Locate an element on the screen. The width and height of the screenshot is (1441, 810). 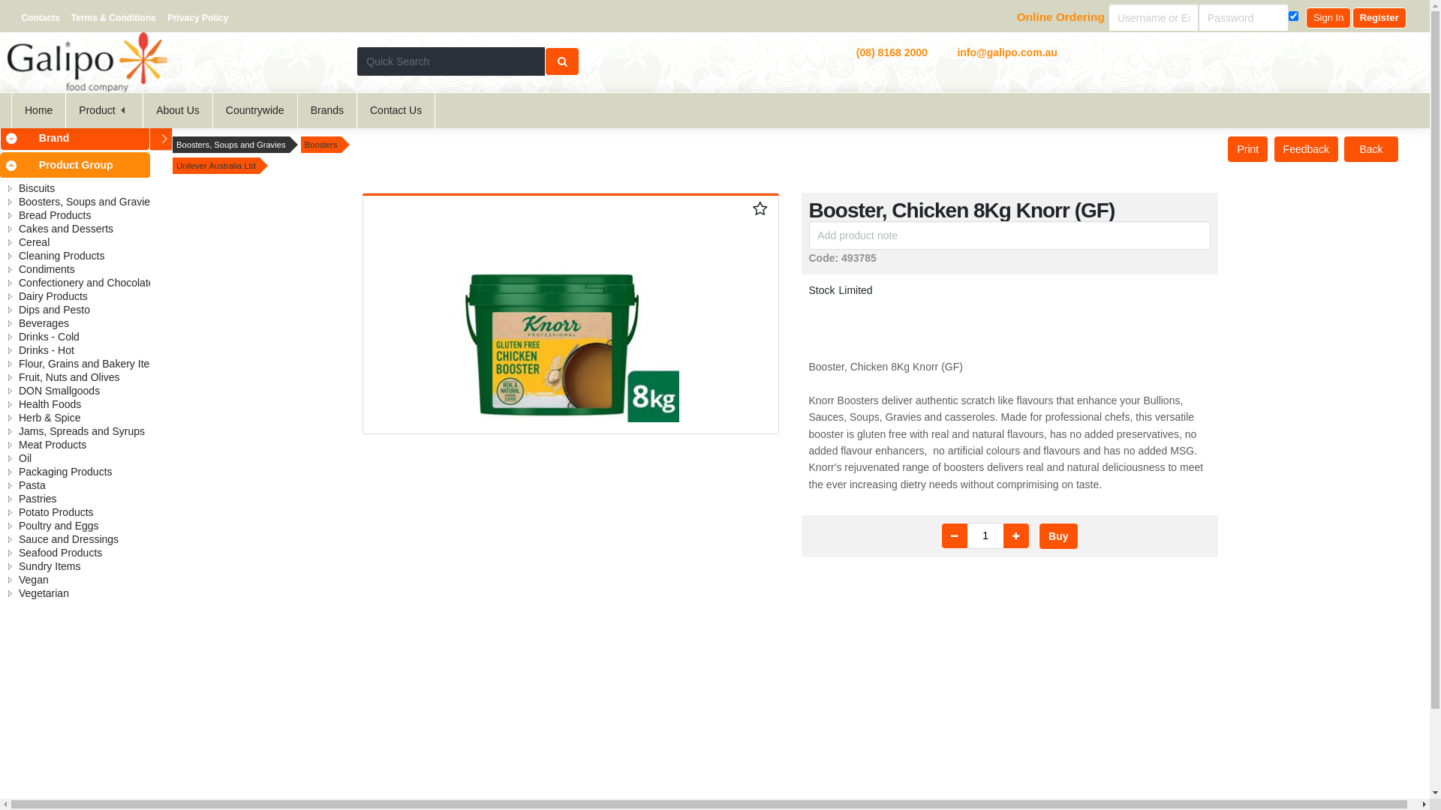
'Brand' is located at coordinates (83, 138).